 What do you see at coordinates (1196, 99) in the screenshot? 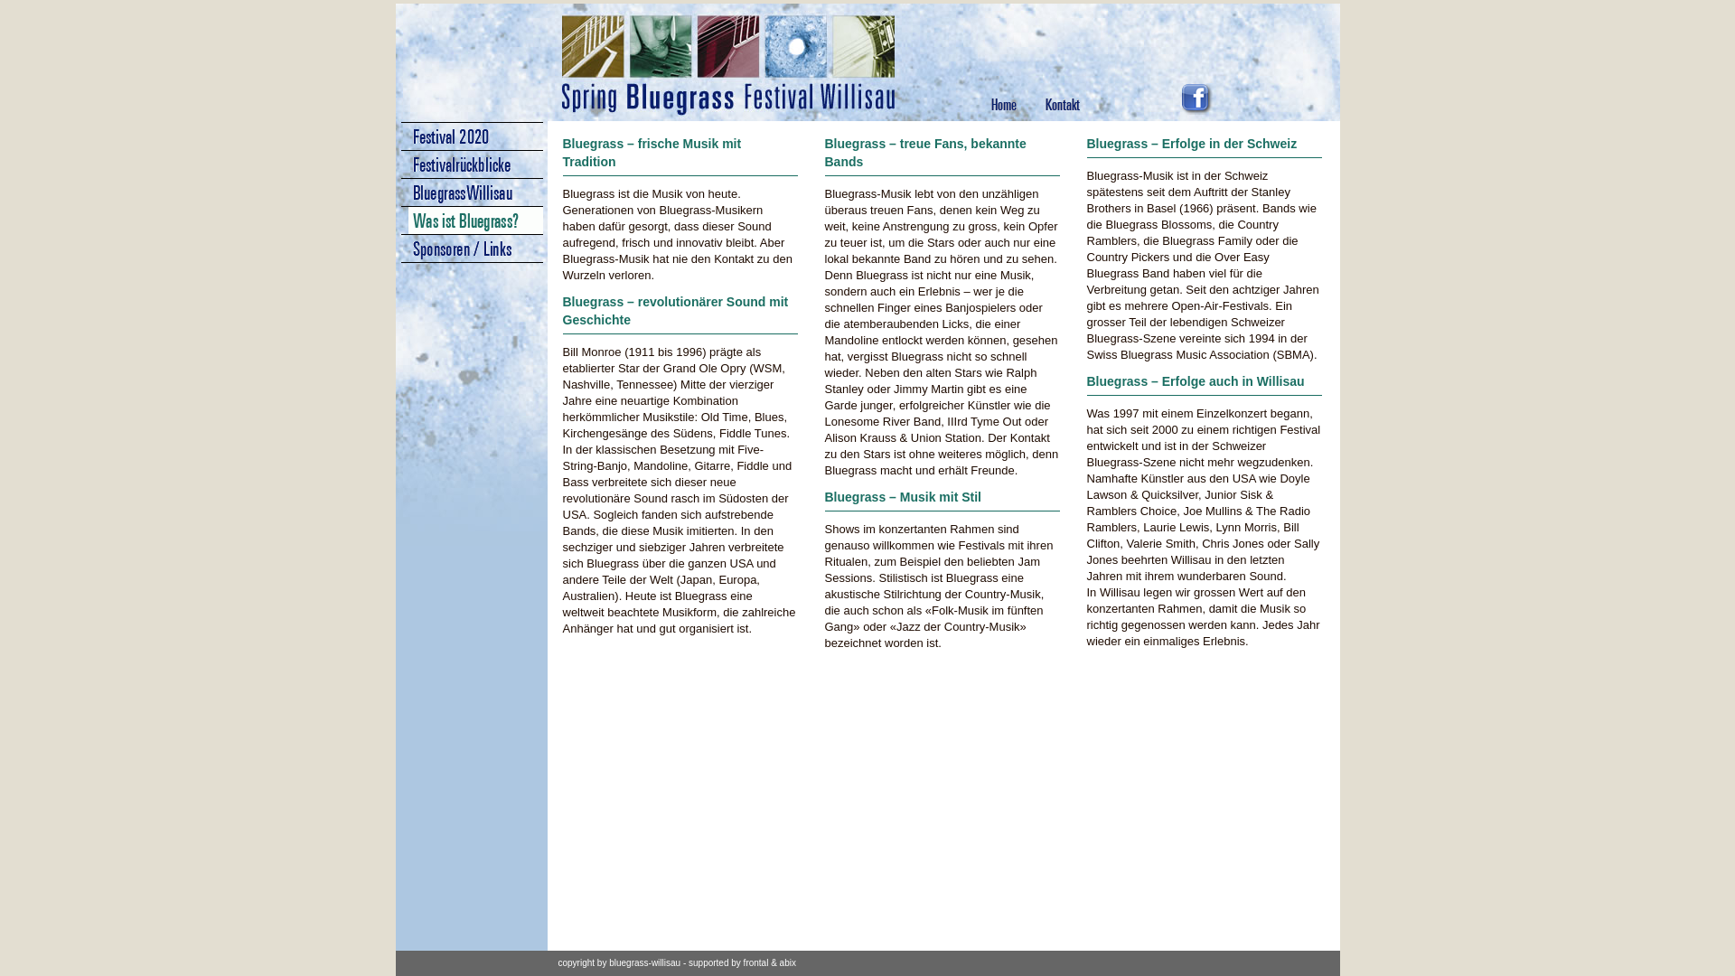
I see `'Spring Bluegrass Festival bei Facebook'` at bounding box center [1196, 99].